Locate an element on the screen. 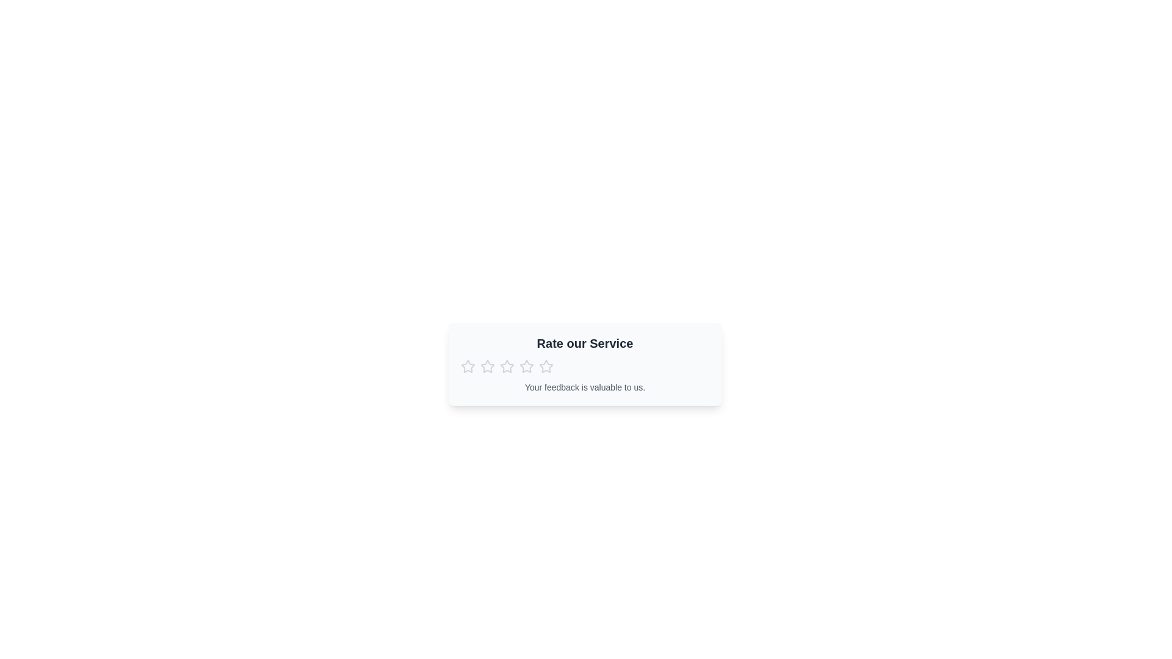 Image resolution: width=1172 pixels, height=659 pixels. the second star-shaped rating icon, which is hollow with a gray outline, located below the text 'Rate our Service' to rate is located at coordinates (507, 366).